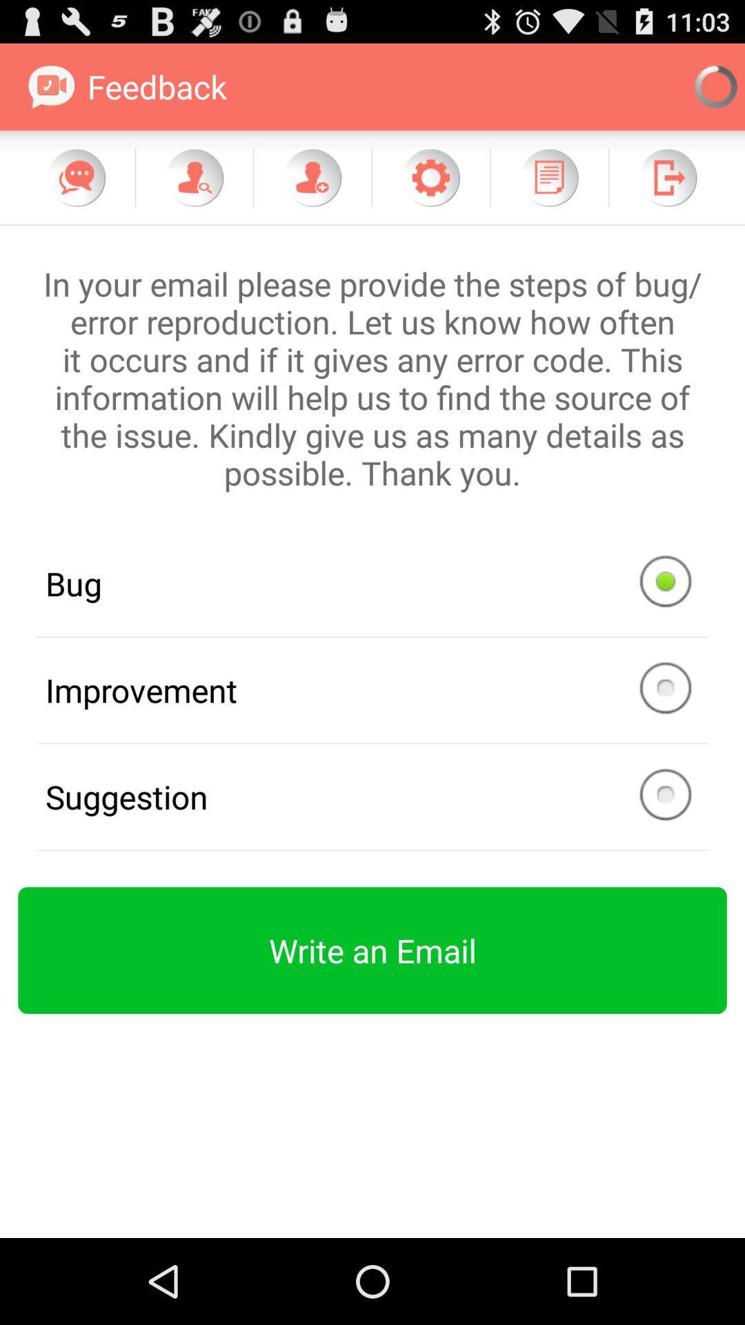  I want to click on feedback, so click(312, 177).